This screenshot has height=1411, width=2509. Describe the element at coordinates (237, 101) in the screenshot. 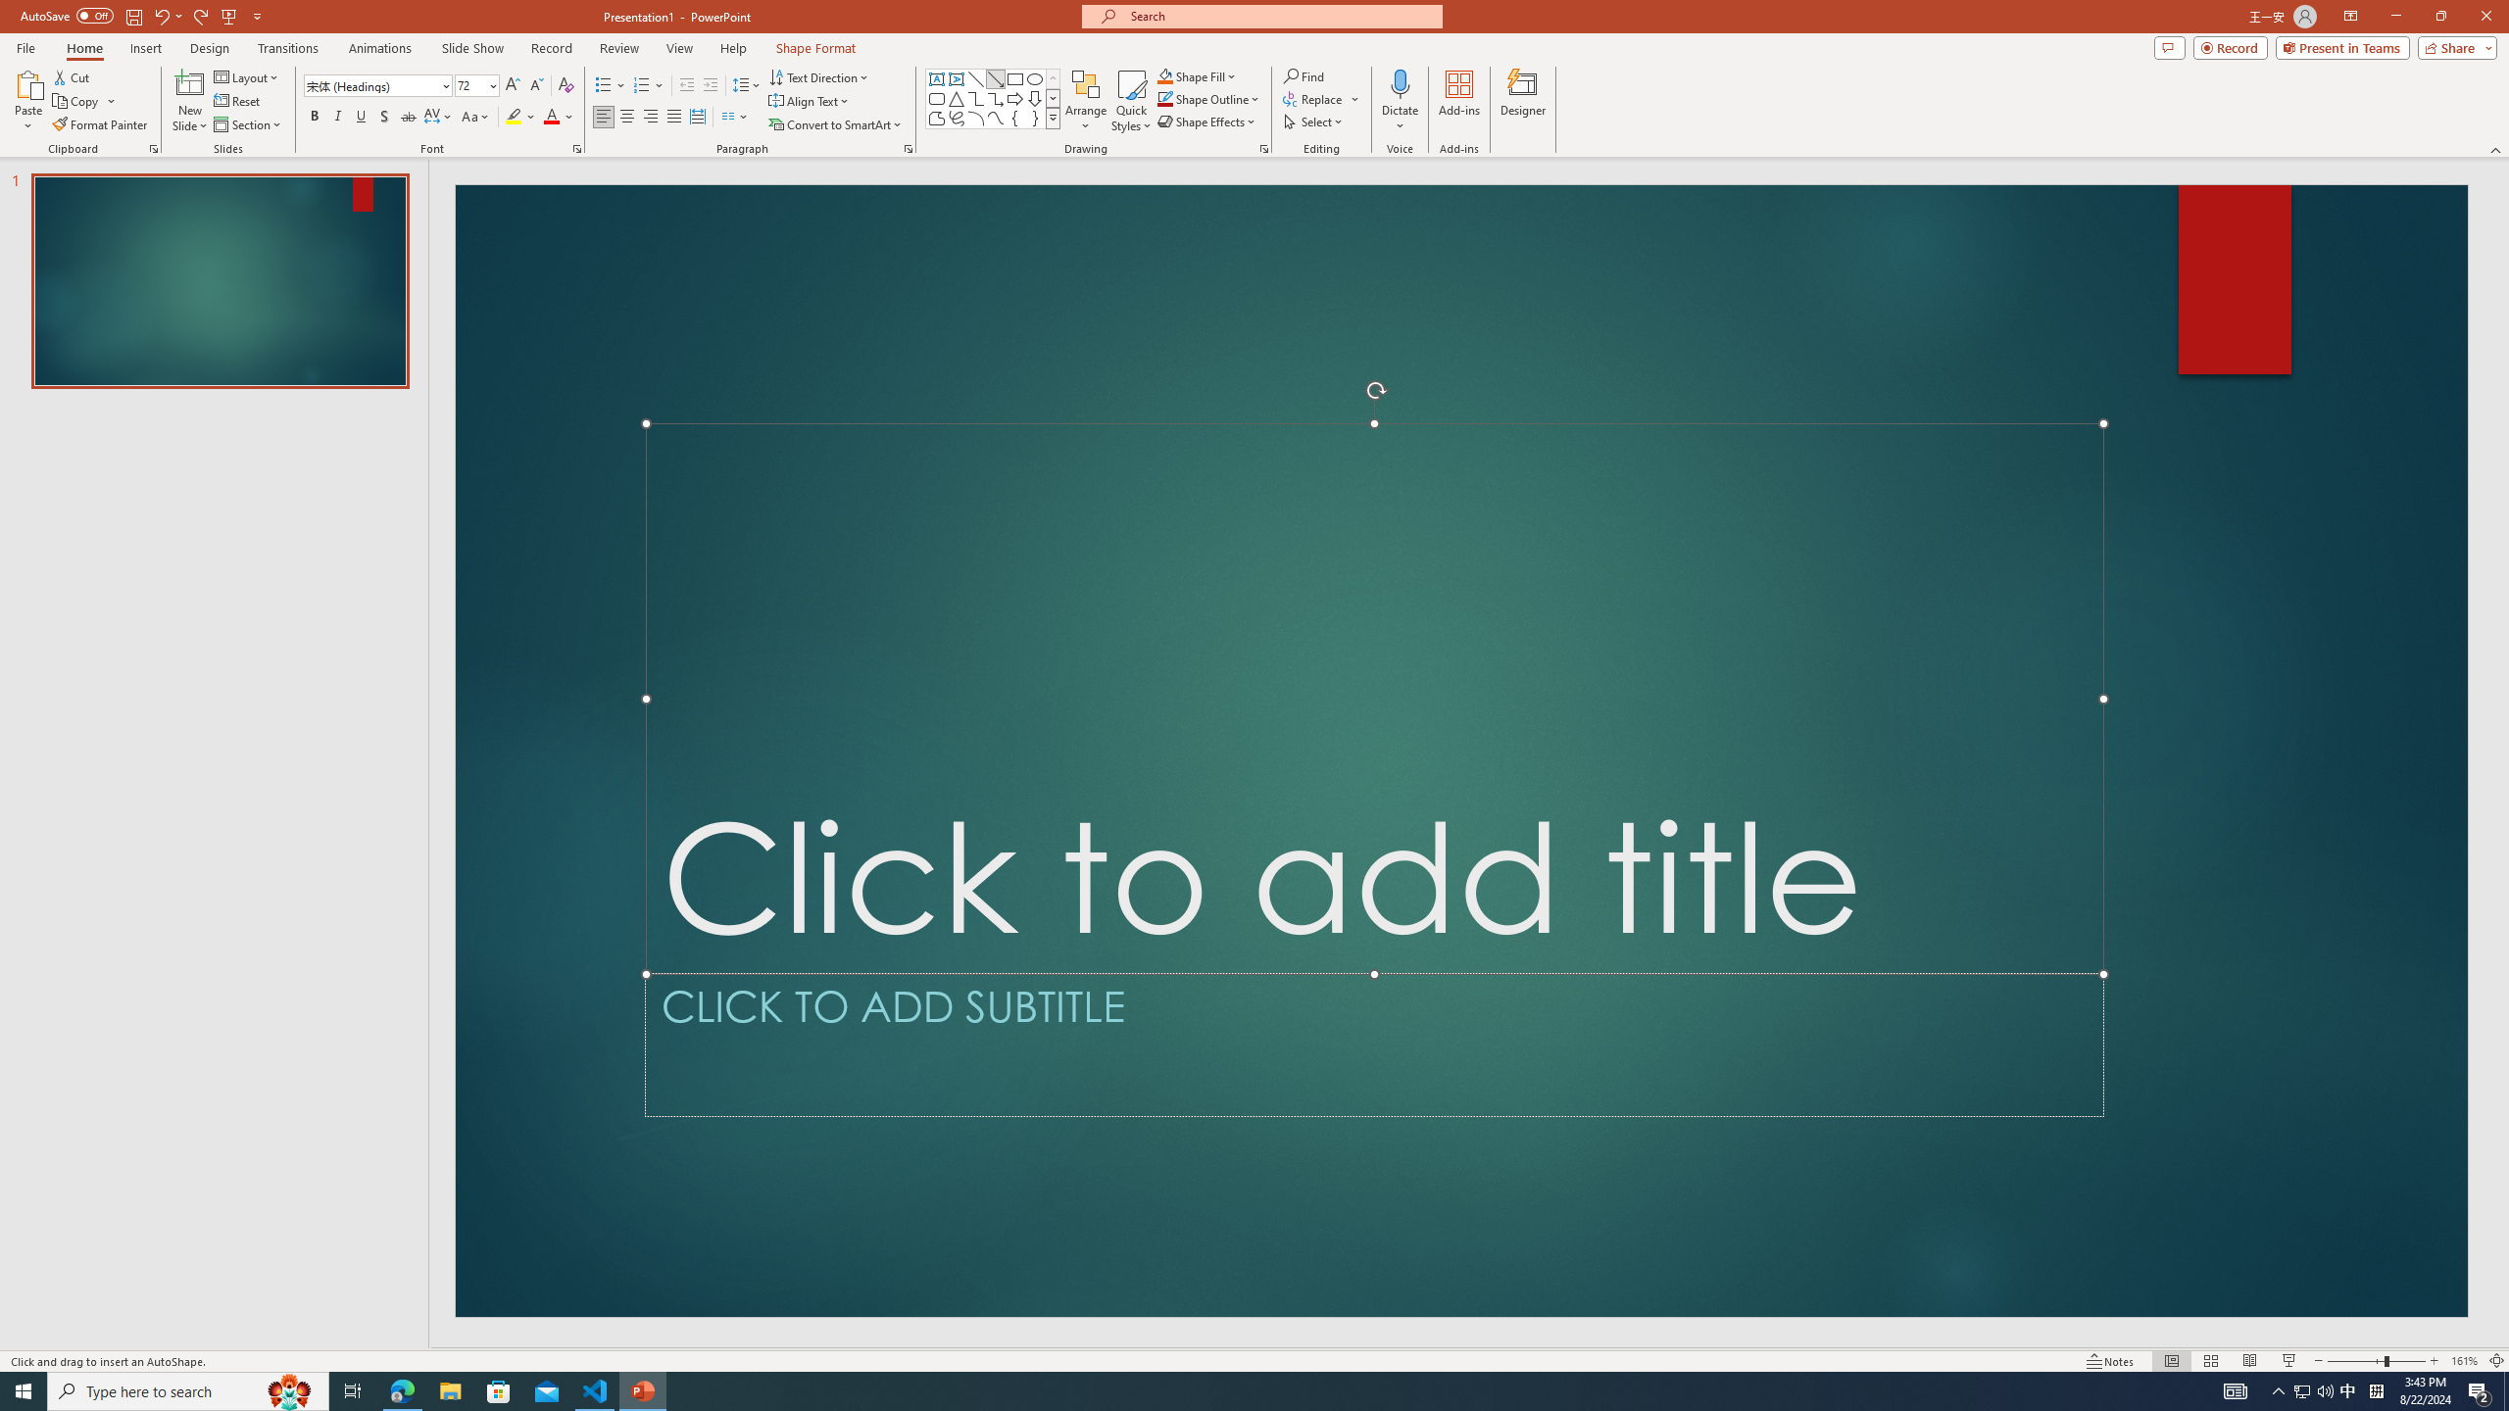

I see `'Reset'` at that location.